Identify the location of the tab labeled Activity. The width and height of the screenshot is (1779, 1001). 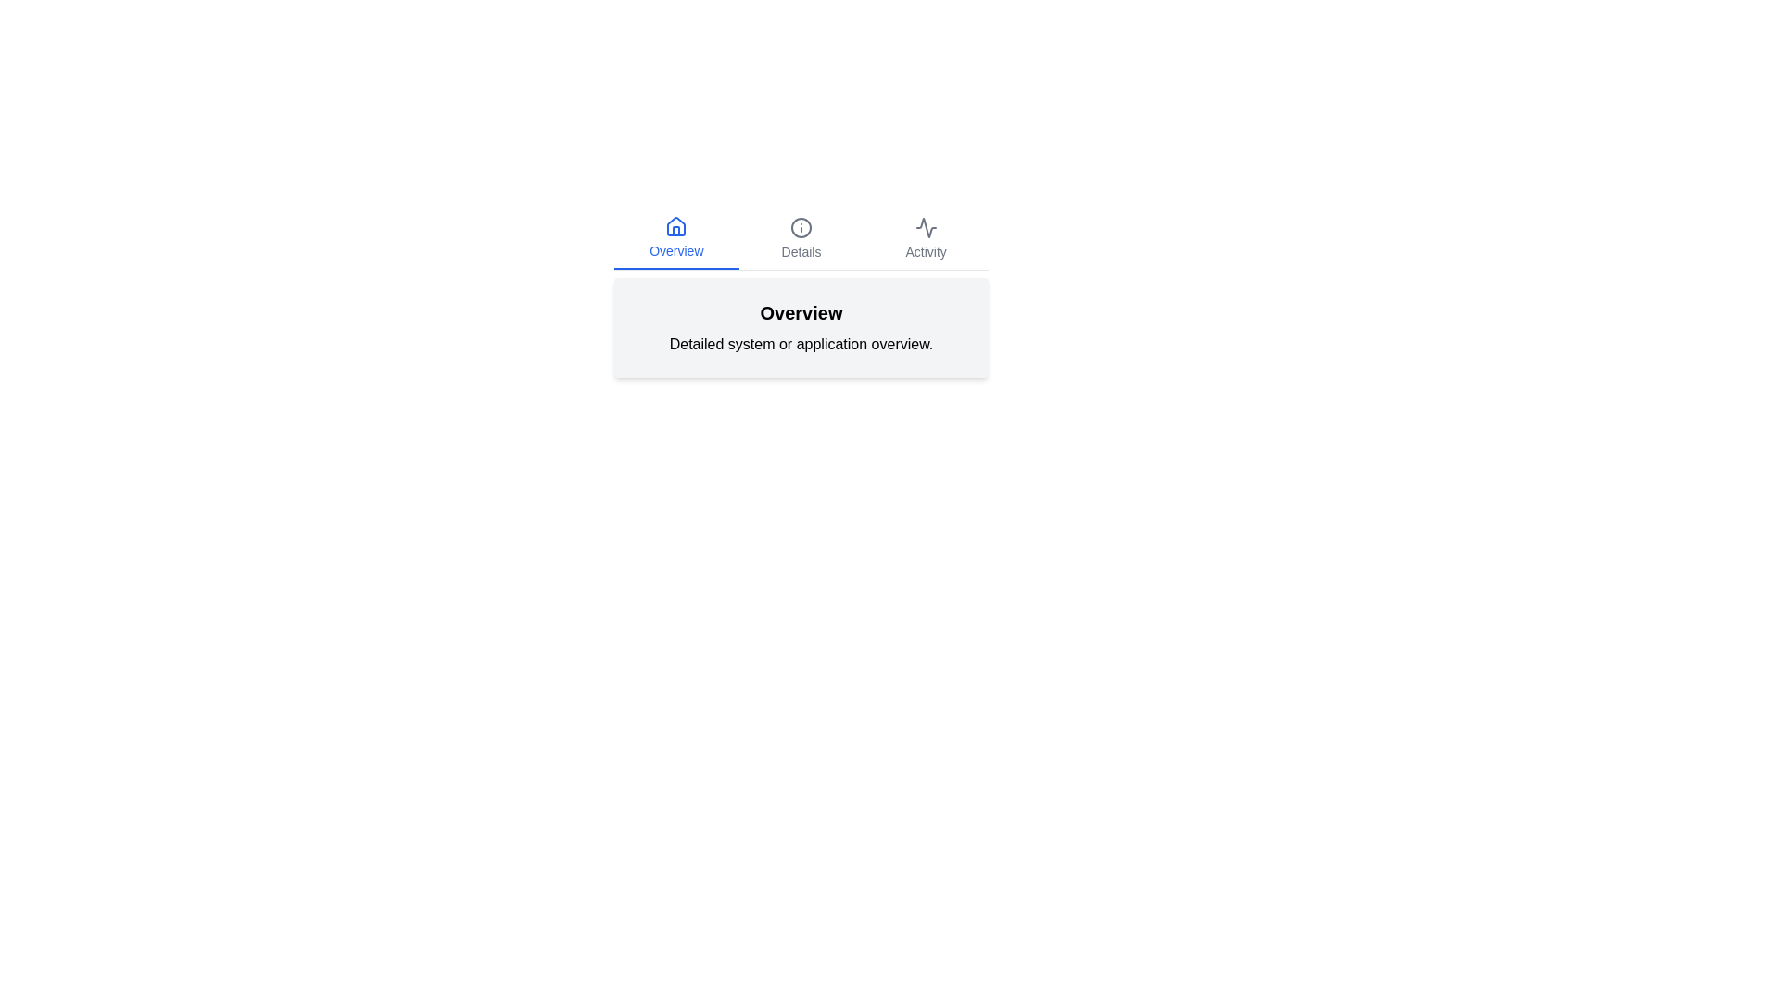
(926, 238).